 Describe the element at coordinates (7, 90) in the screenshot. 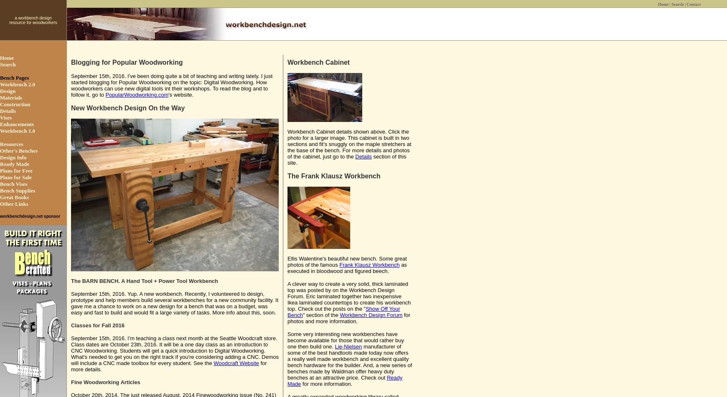

I see `'Design'` at that location.